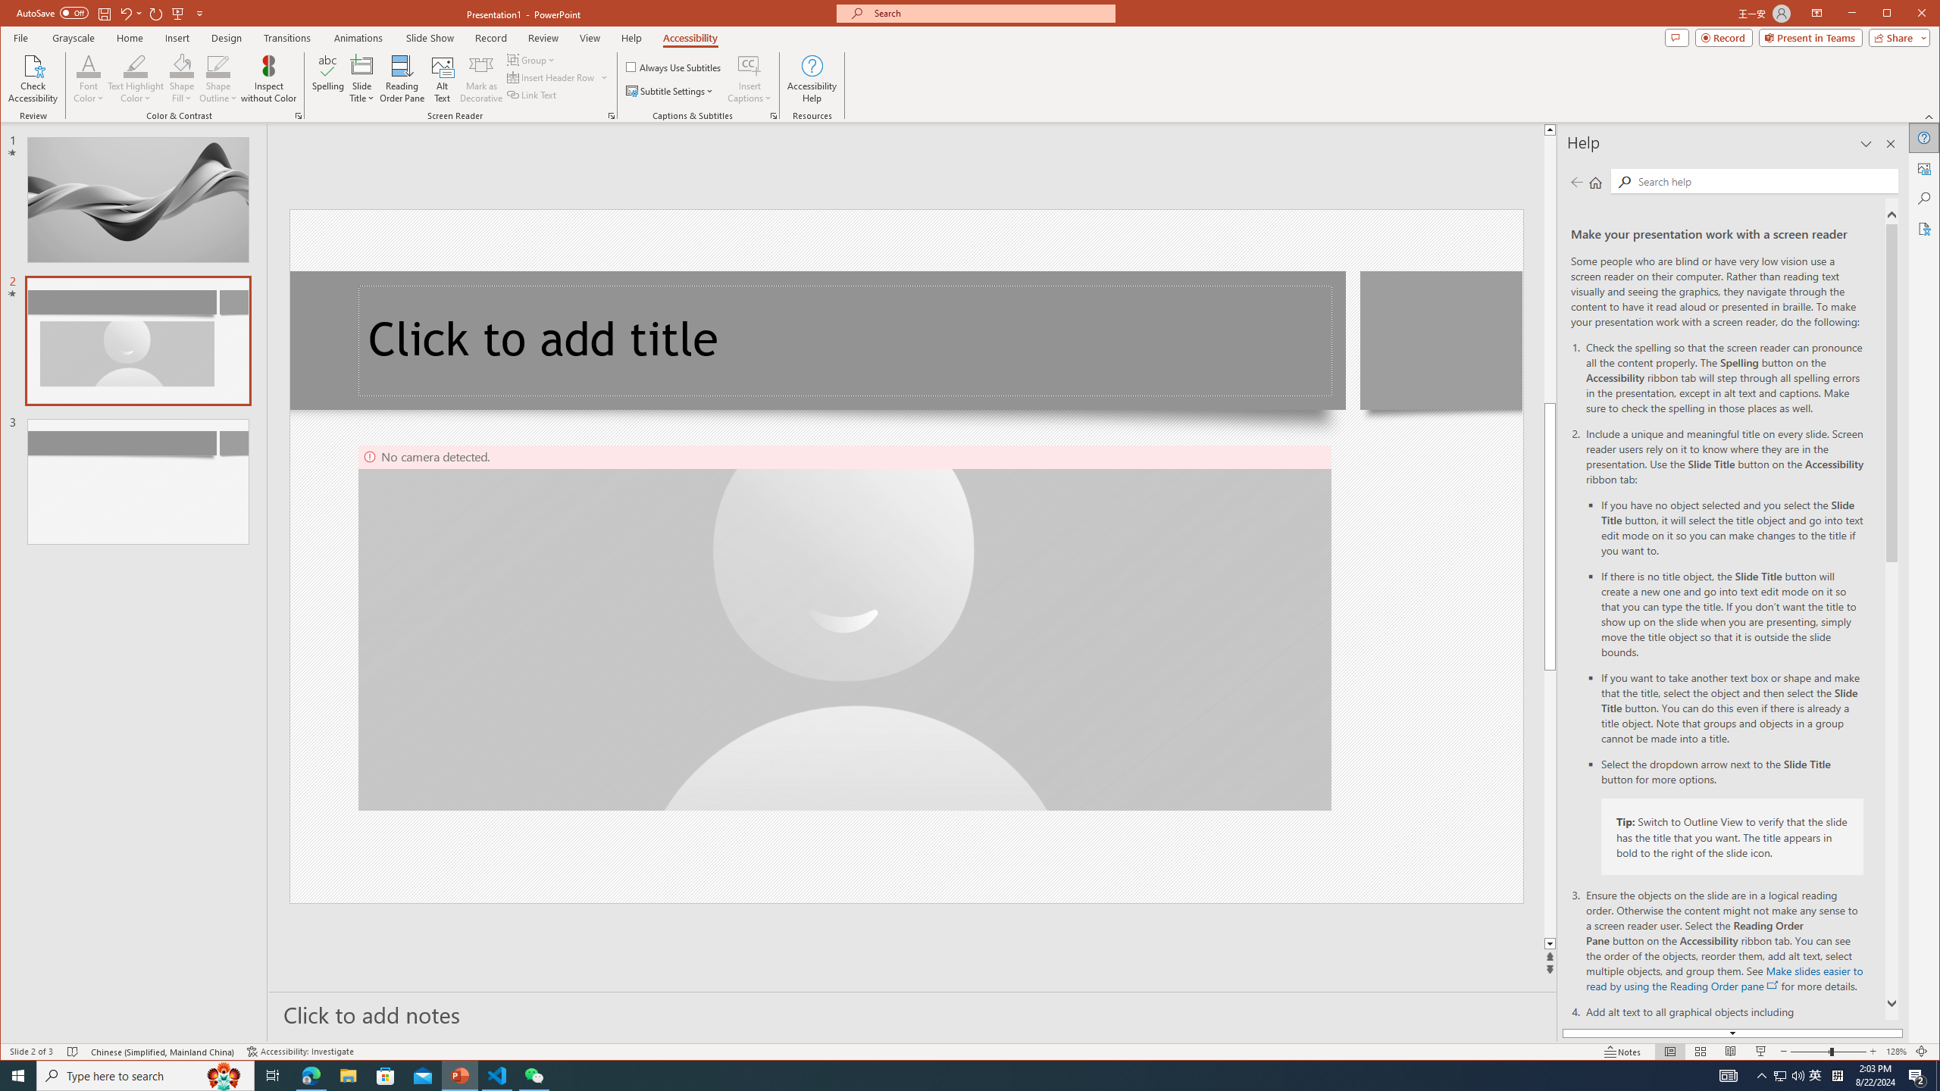  What do you see at coordinates (1576, 182) in the screenshot?
I see `'Previous page'` at bounding box center [1576, 182].